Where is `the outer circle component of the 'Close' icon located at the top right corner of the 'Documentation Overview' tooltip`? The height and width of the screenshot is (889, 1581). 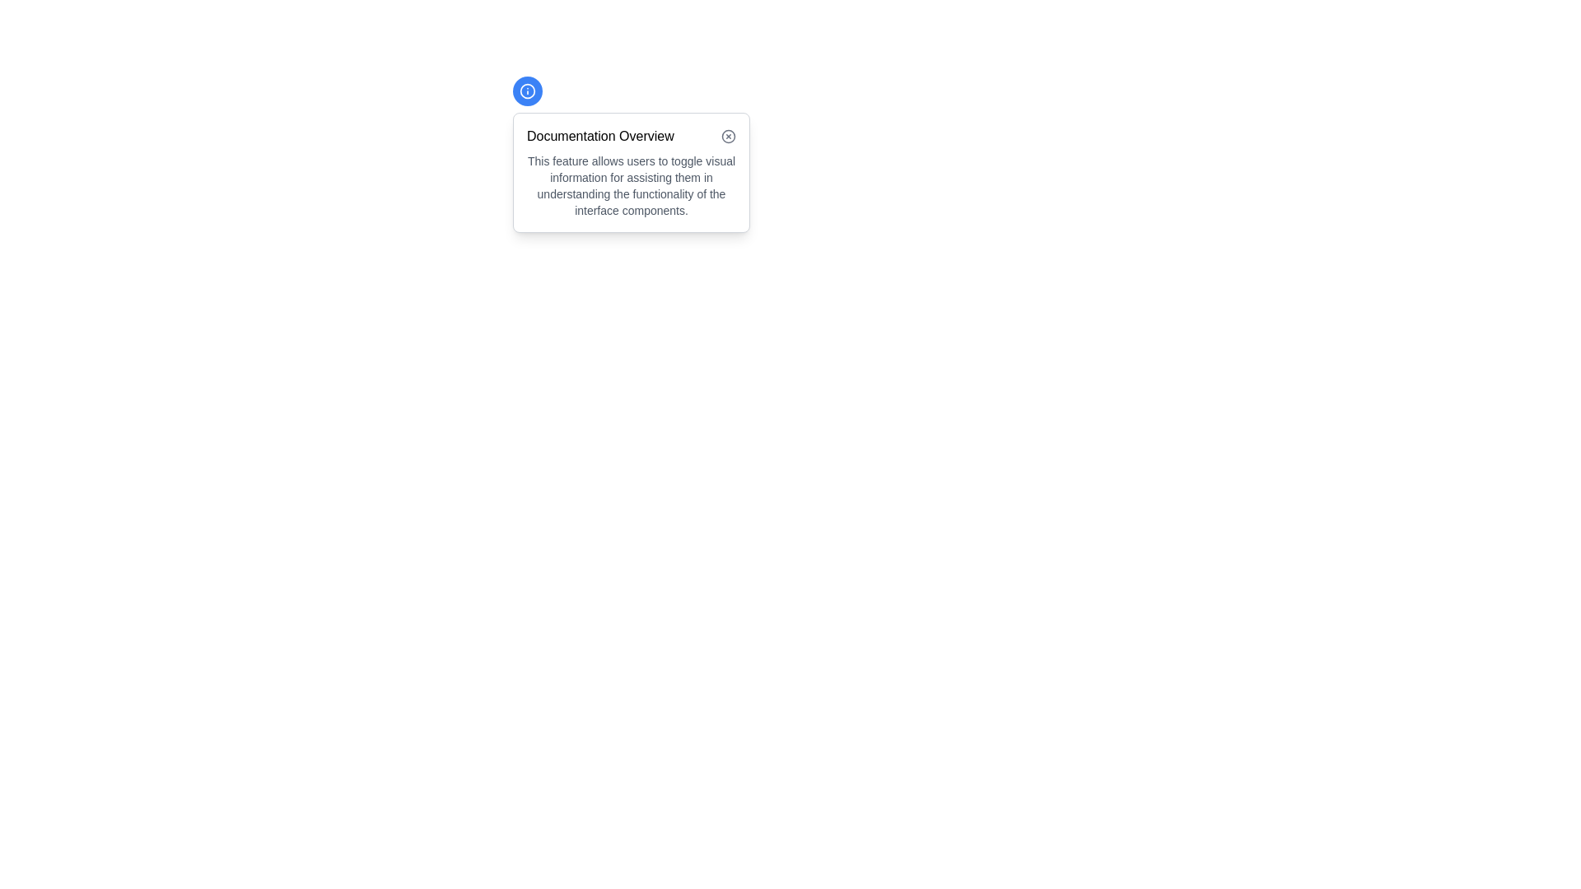
the outer circle component of the 'Close' icon located at the top right corner of the 'Documentation Overview' tooltip is located at coordinates (727, 135).